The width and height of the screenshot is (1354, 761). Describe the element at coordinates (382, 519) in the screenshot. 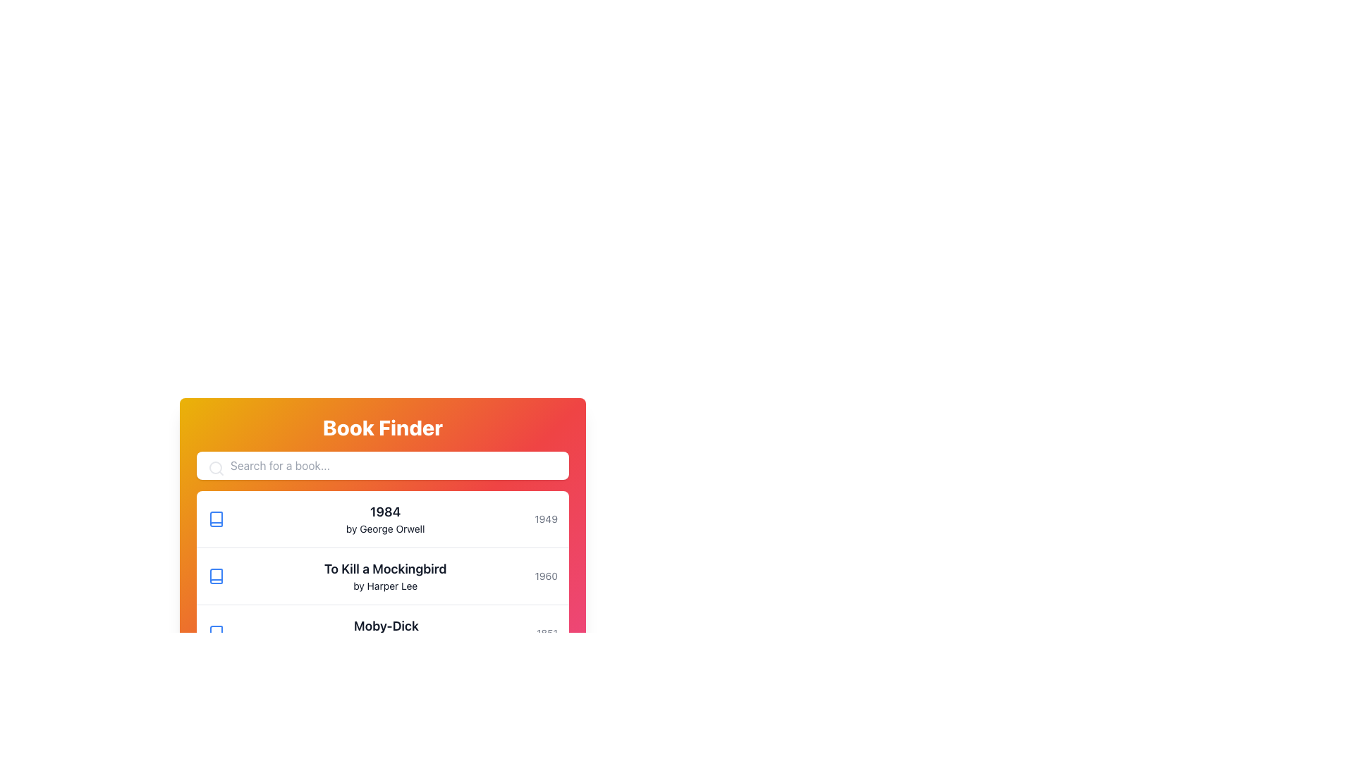

I see `the first list item in the 'Book Finder' section that displays book information, including the title, author, and year of publication` at that location.